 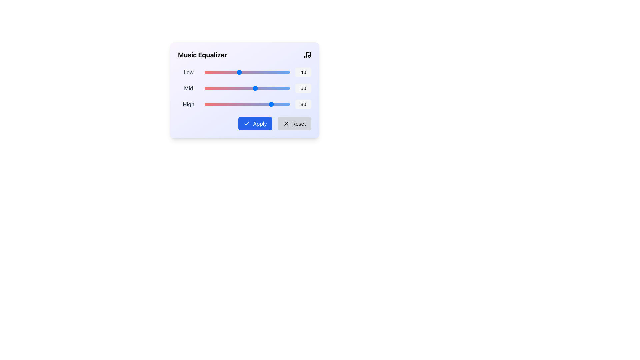 I want to click on the SVG musical symbol icon located next to the 'Music Equalizer' text at the top-right section of the card, so click(x=307, y=55).